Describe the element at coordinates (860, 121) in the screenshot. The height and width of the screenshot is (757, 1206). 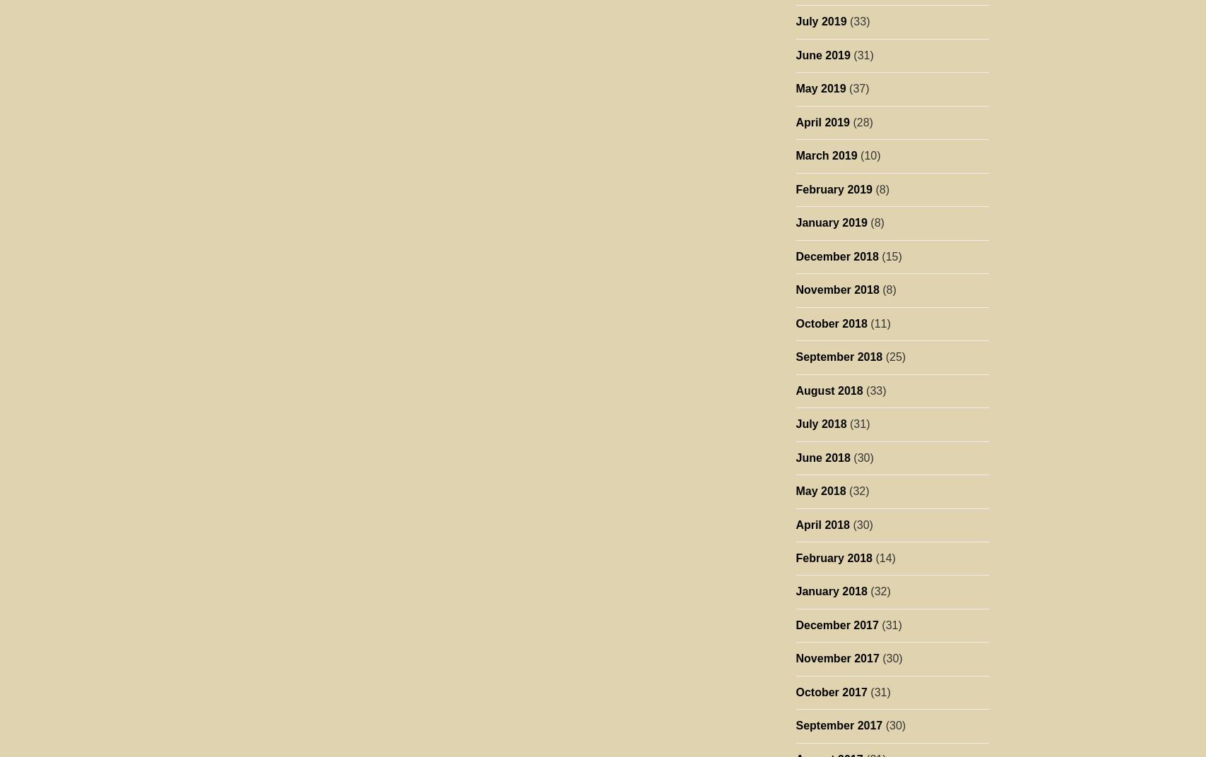
I see `'(28)'` at that location.